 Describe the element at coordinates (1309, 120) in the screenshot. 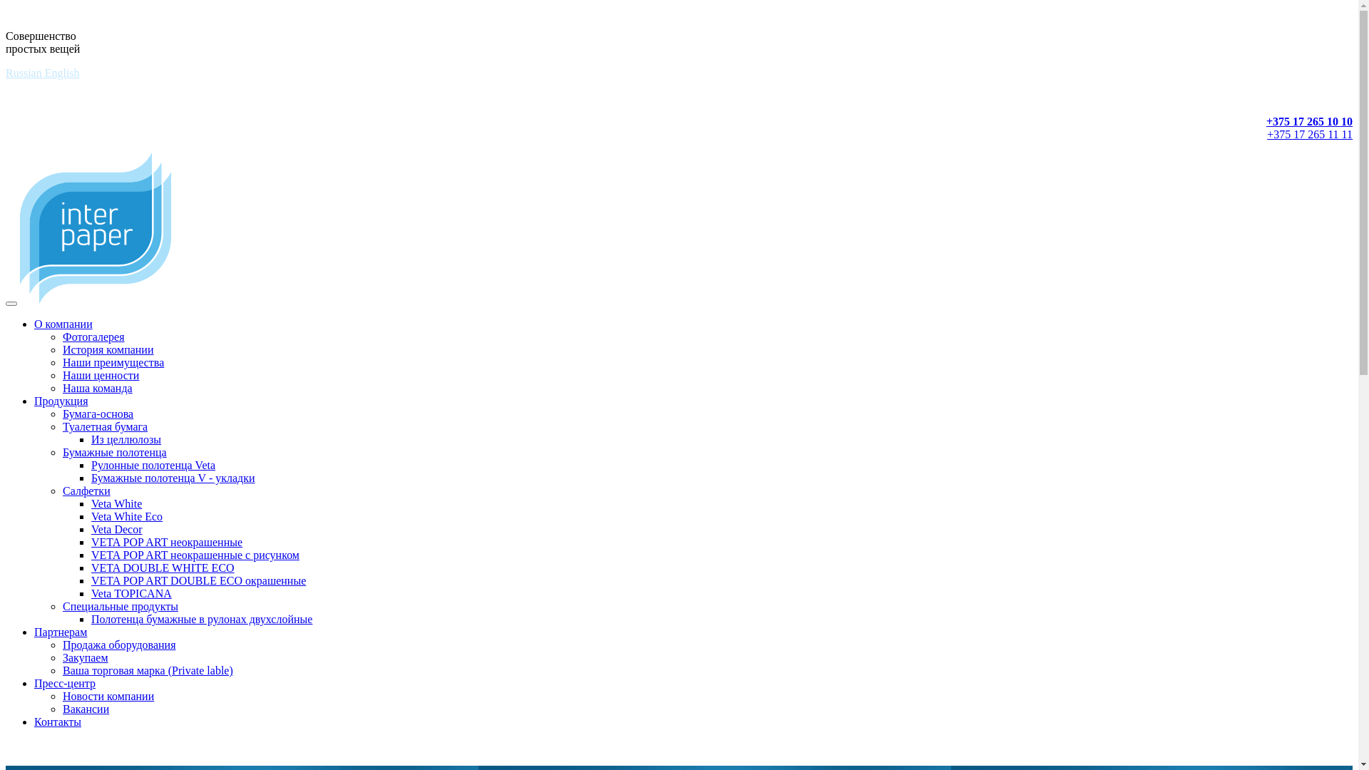

I see `'+375 17 265 10 10'` at that location.